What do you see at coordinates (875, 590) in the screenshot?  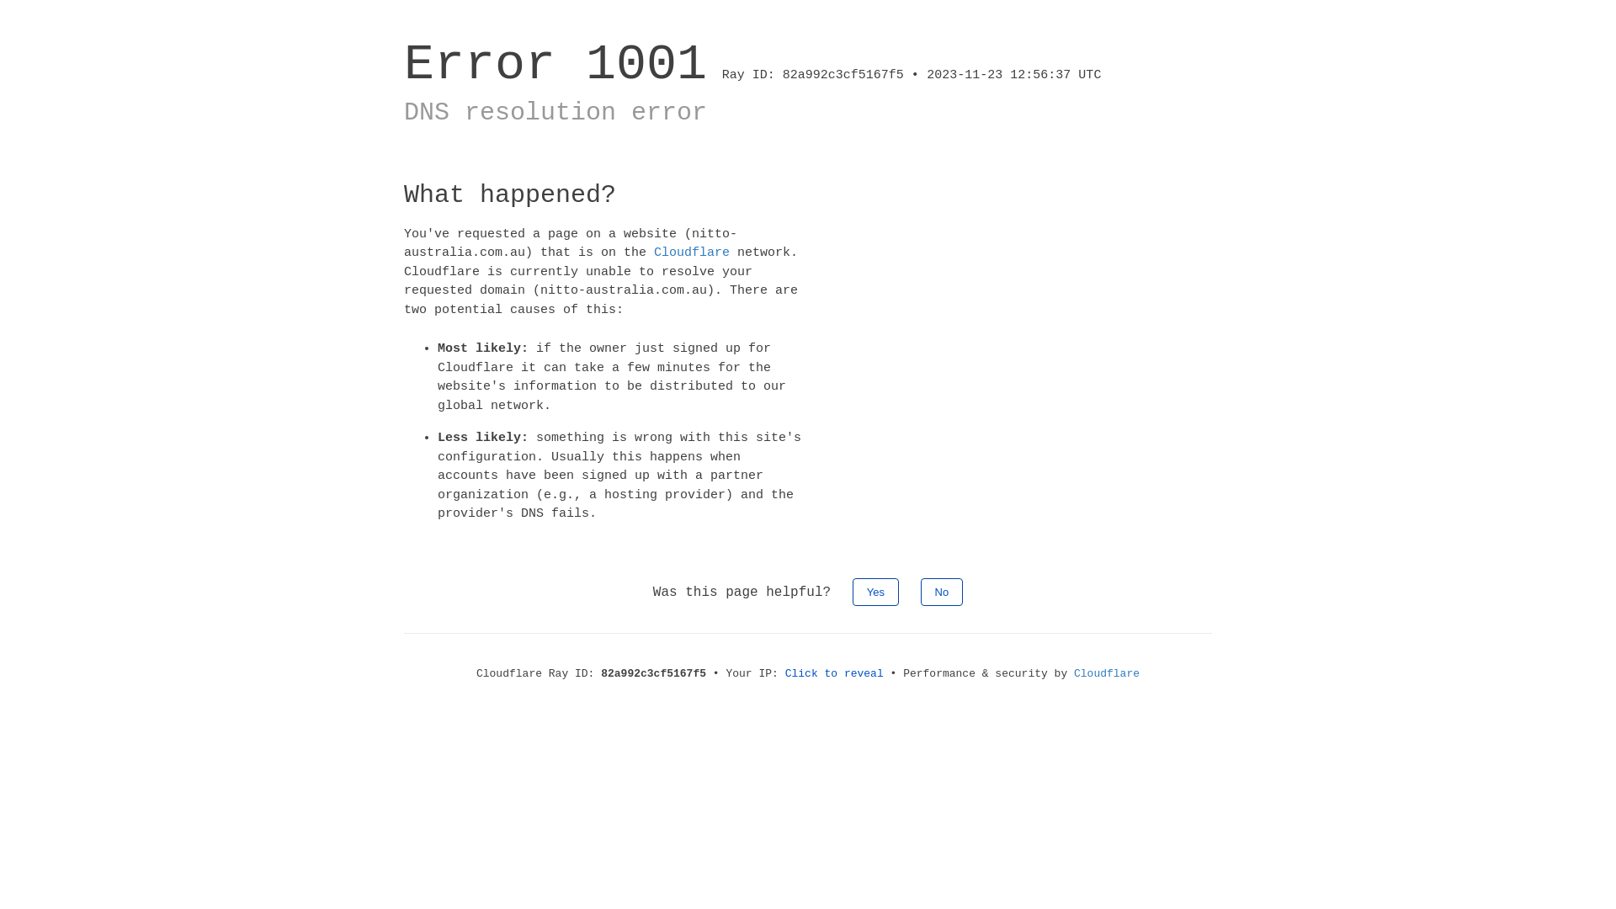 I see `'Yes'` at bounding box center [875, 590].